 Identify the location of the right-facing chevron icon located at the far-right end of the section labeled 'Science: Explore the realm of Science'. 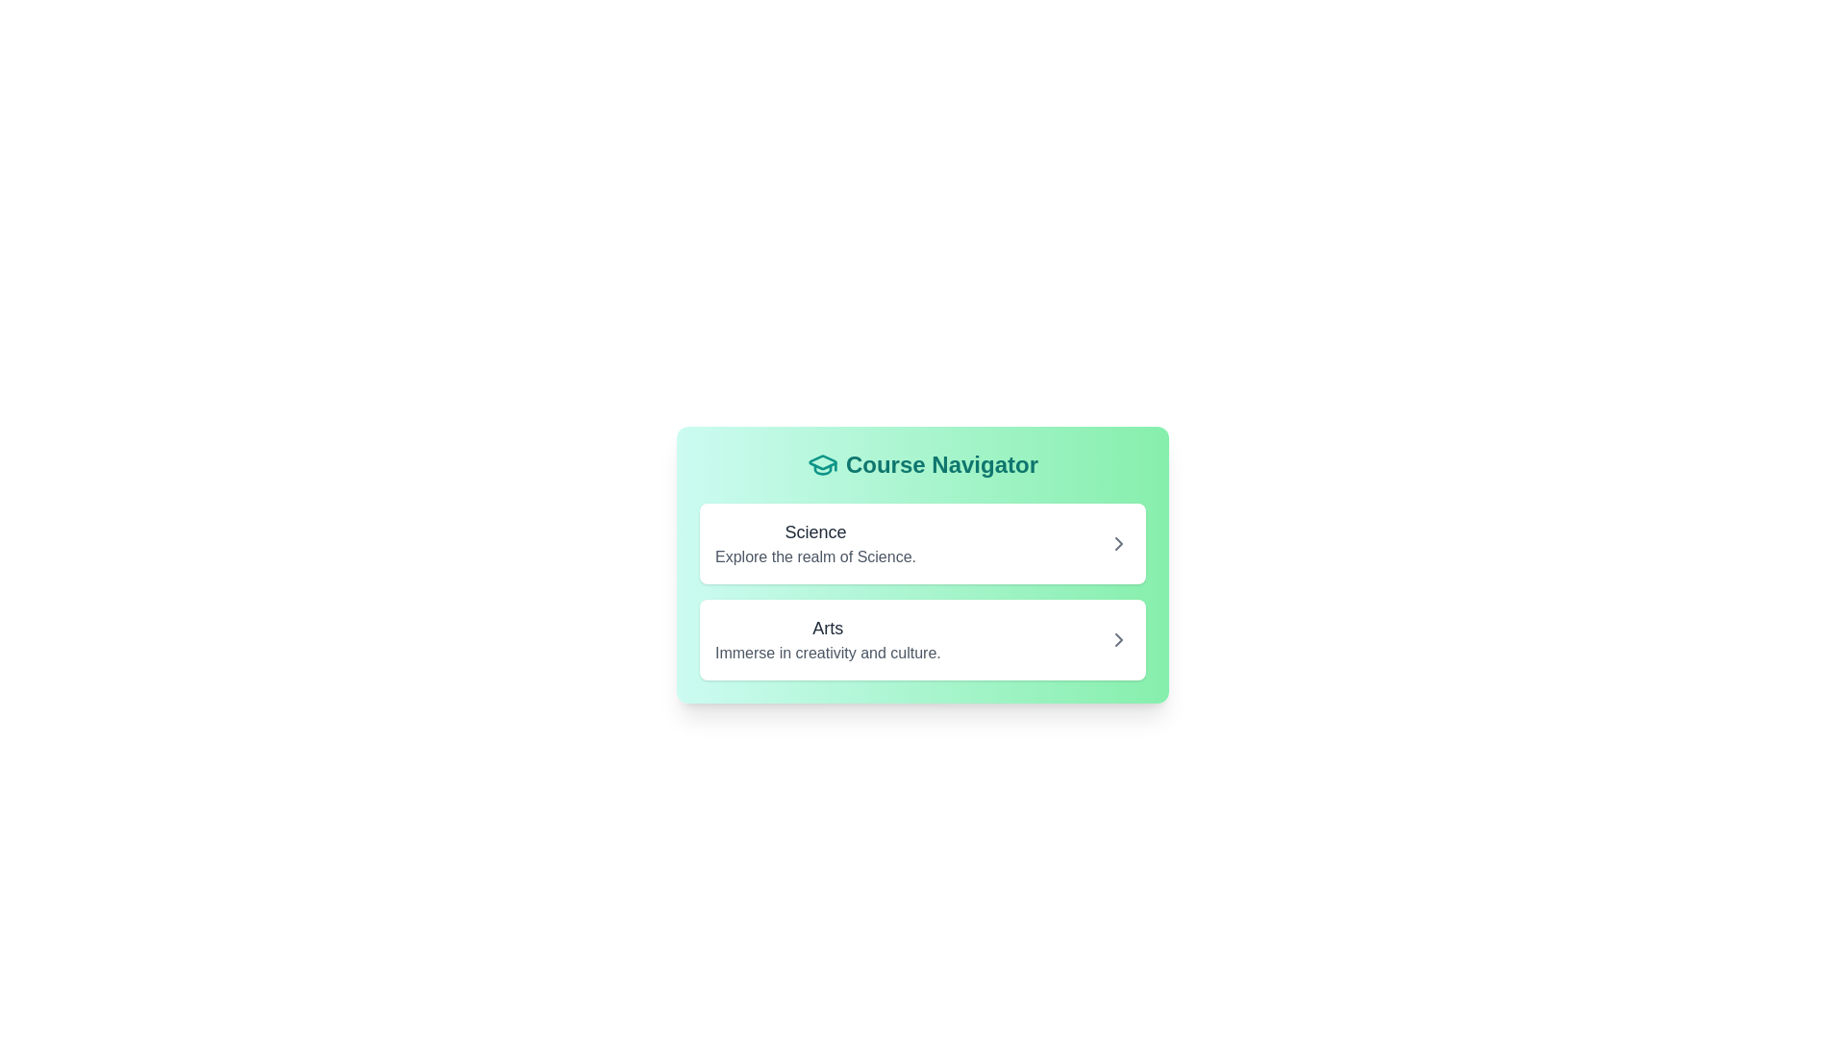
(1118, 544).